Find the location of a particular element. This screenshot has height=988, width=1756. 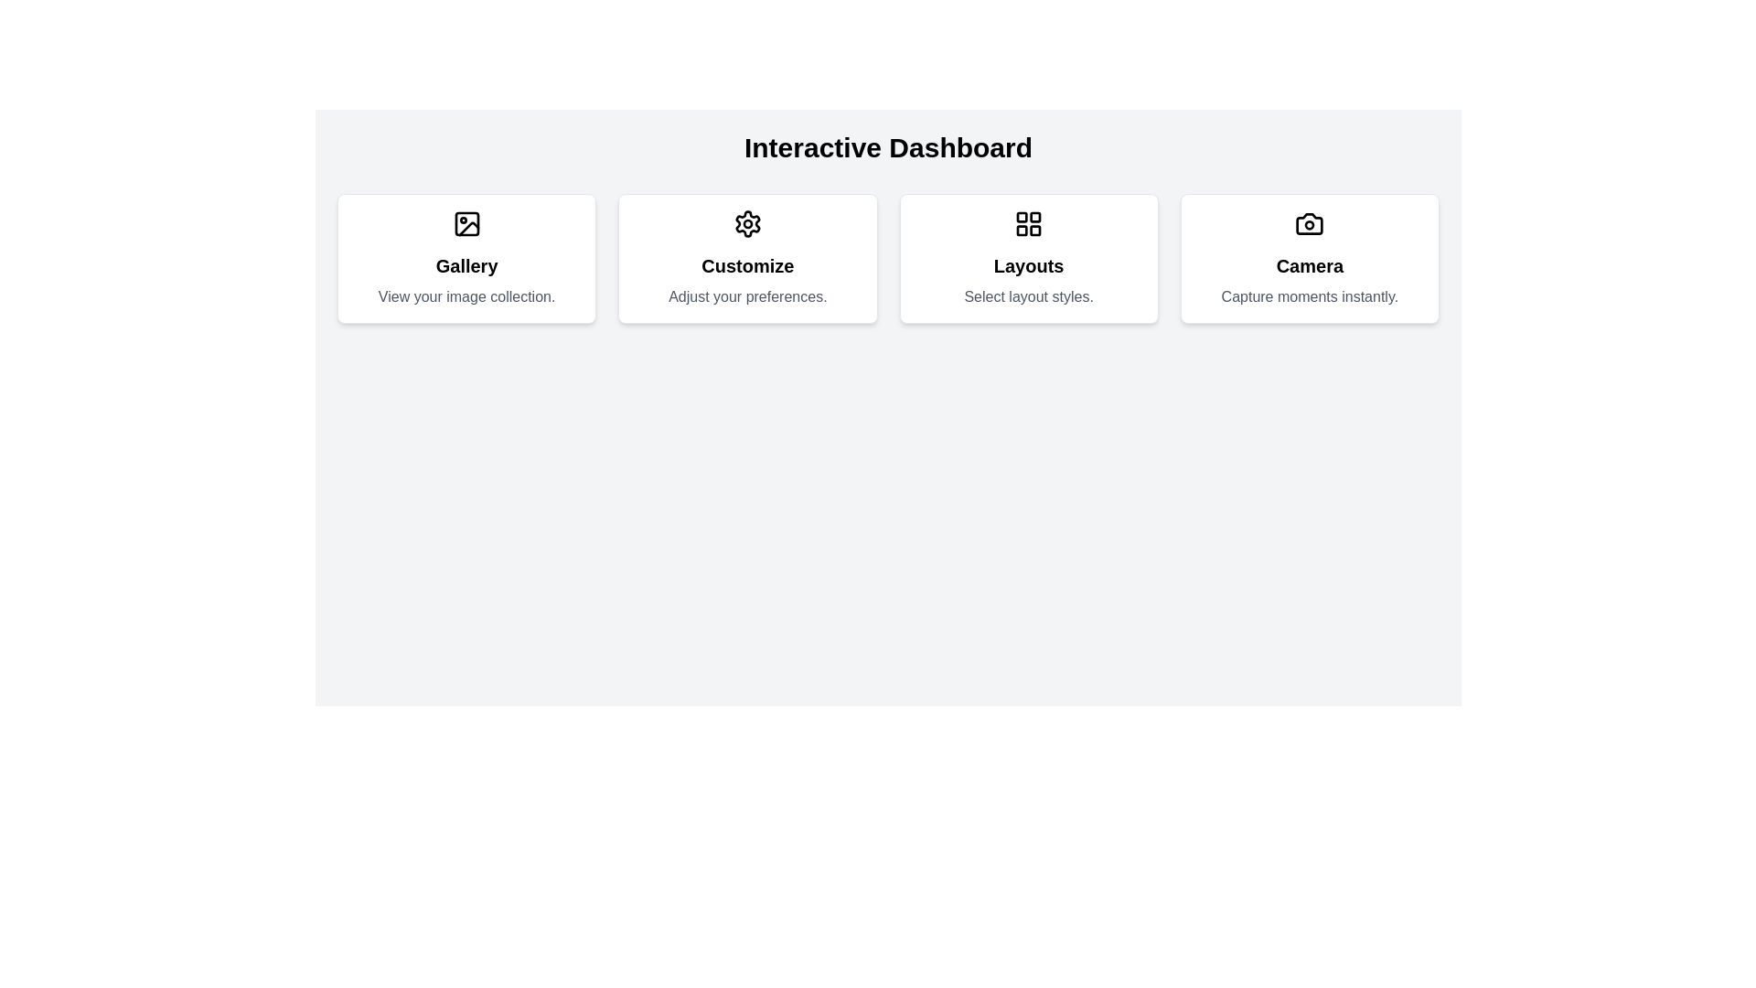

the 'Layouts' icon is located at coordinates (1028, 223).